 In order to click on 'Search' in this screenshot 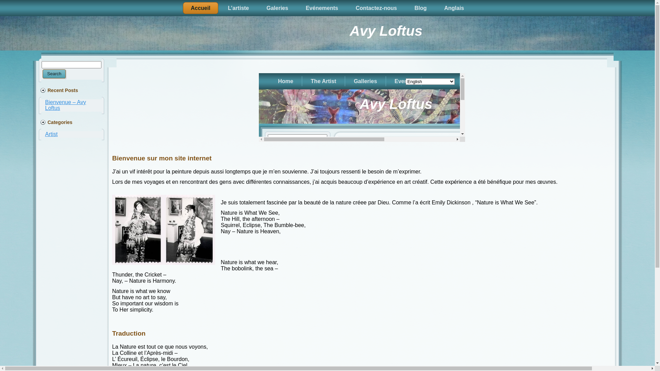, I will do `click(54, 74)`.